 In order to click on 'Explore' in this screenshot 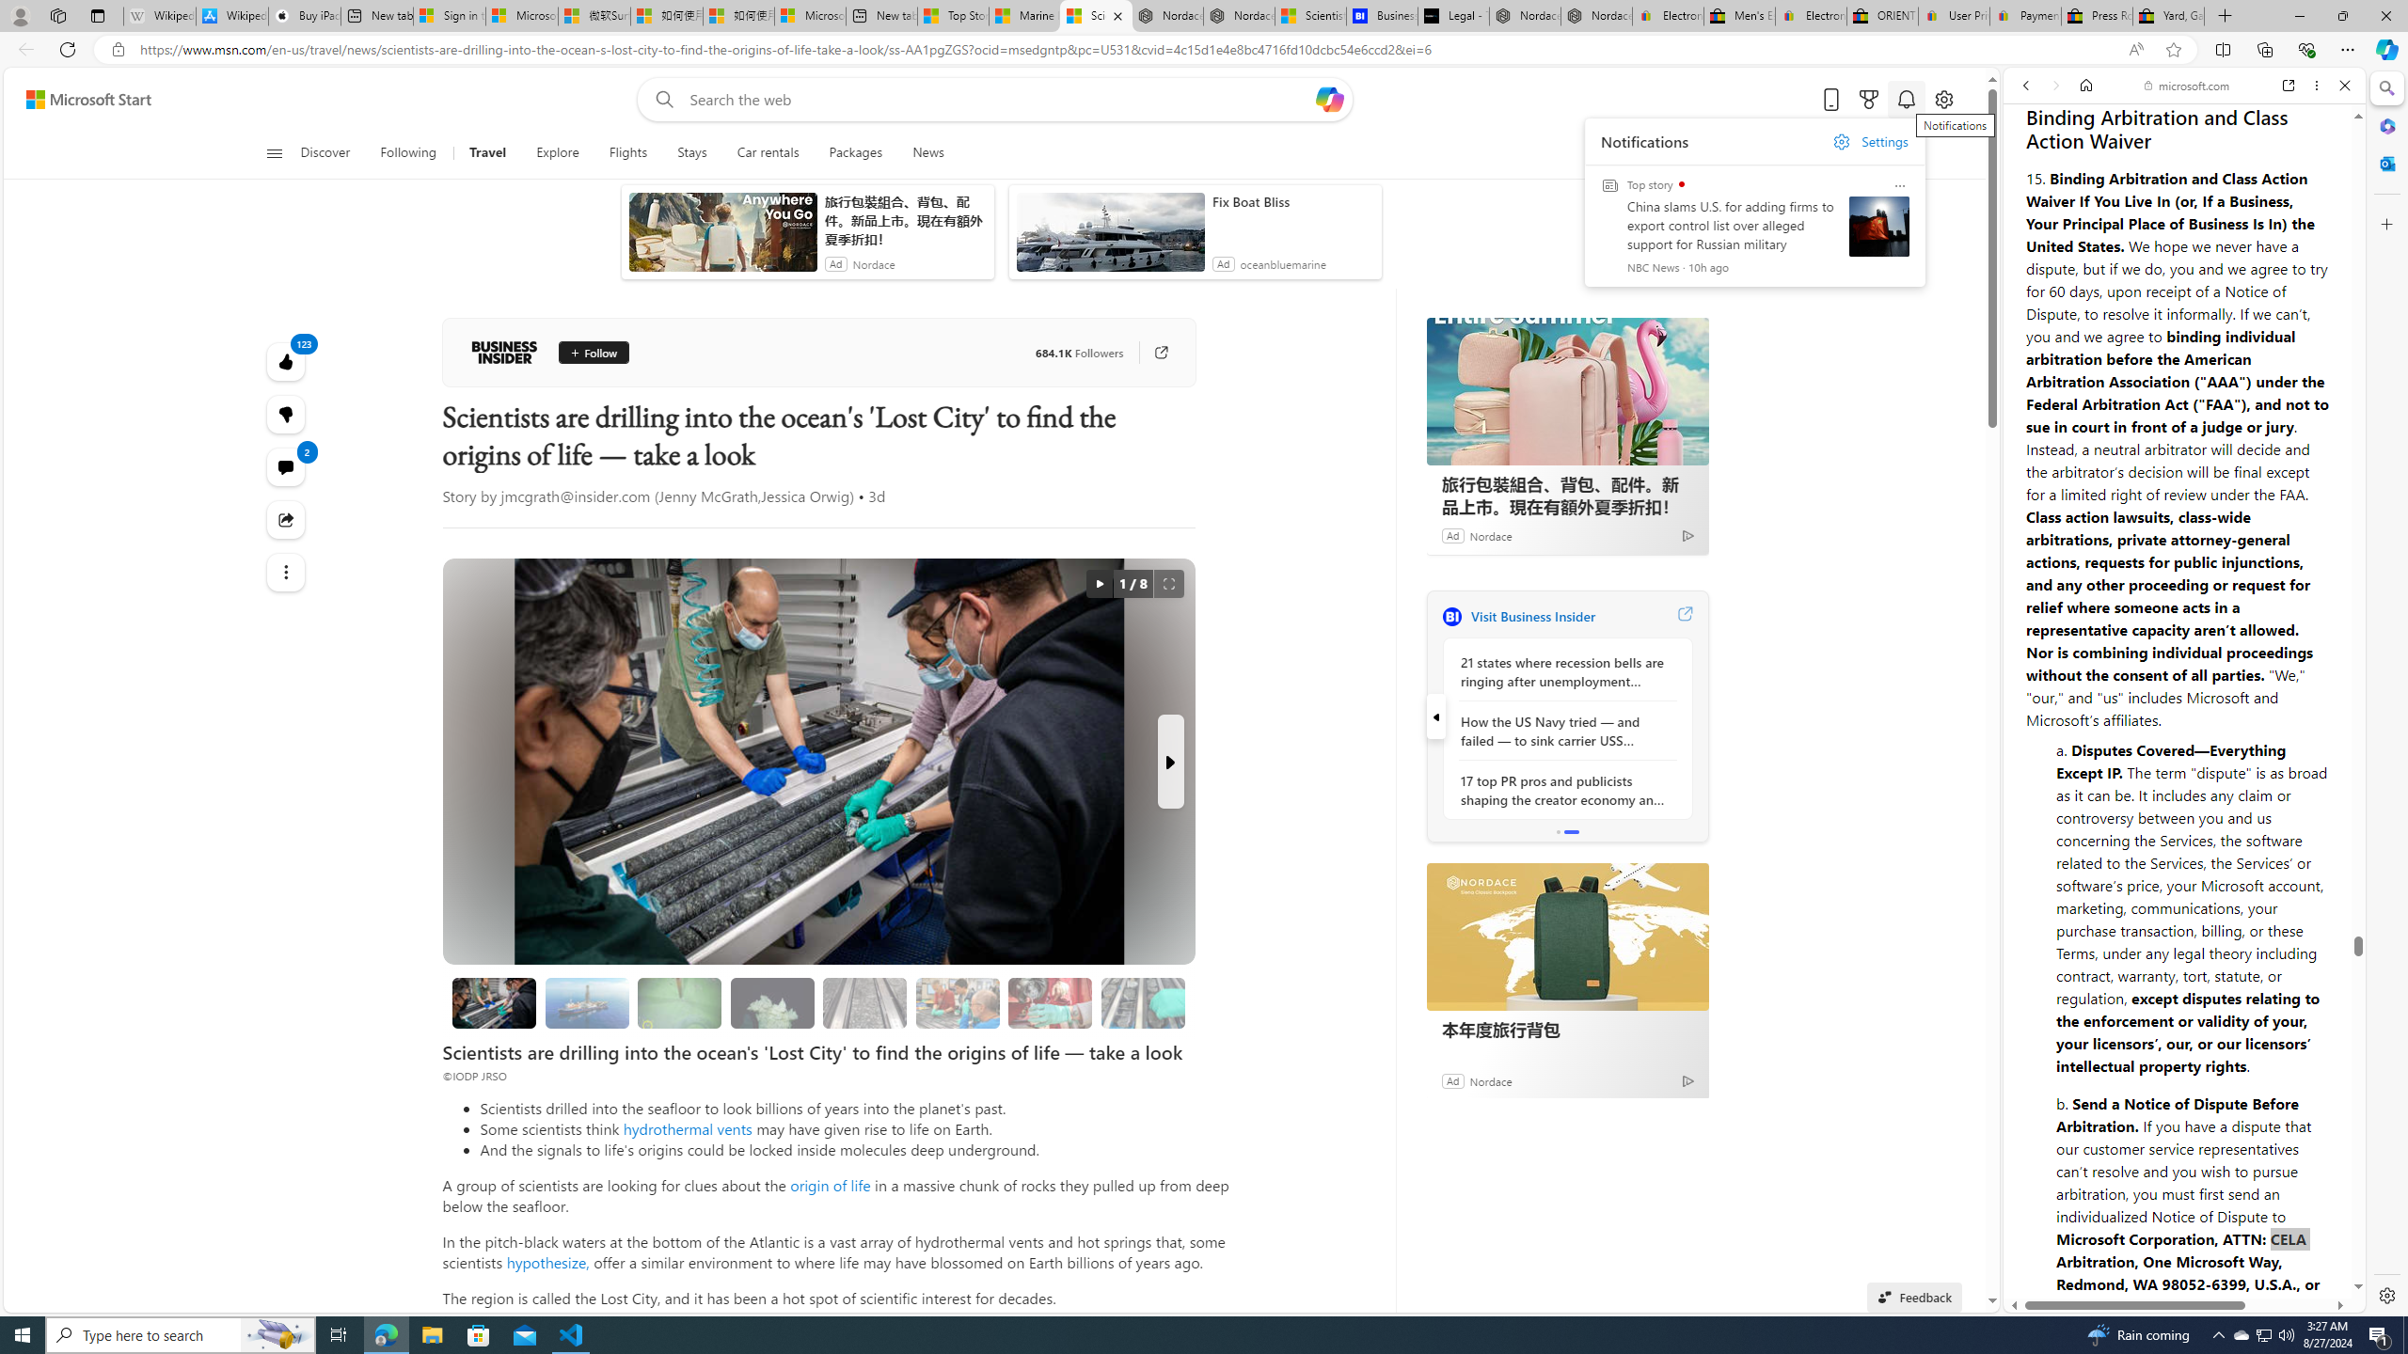, I will do `click(557, 152)`.